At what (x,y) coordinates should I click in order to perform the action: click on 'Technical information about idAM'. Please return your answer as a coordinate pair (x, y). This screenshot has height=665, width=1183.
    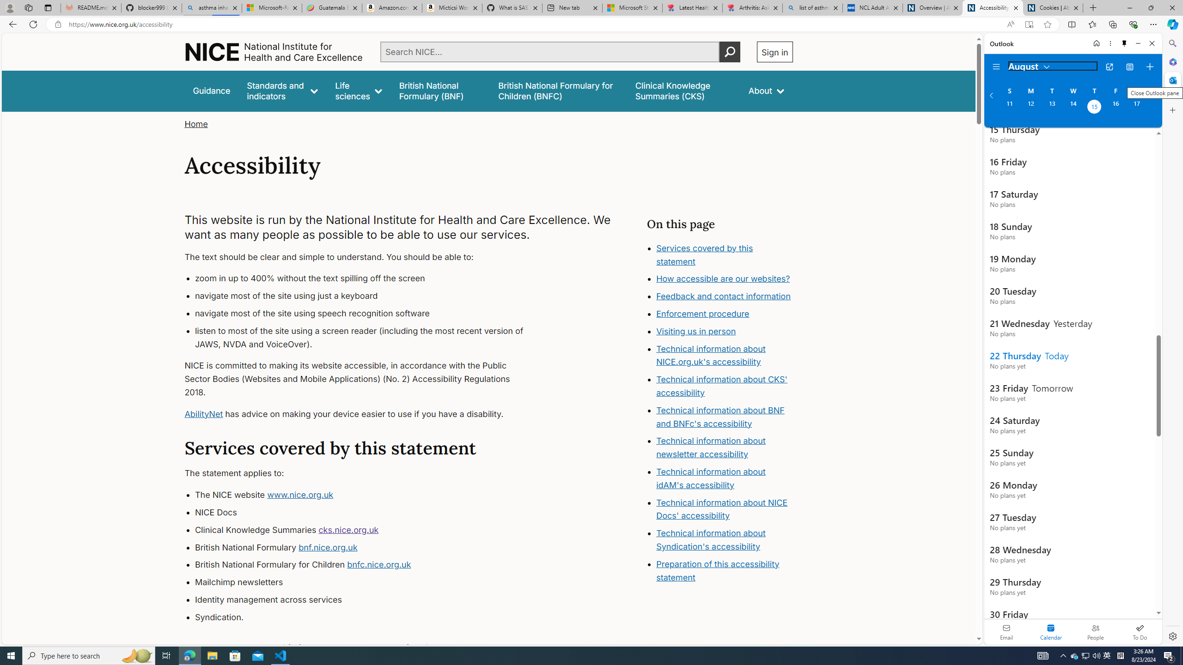
    Looking at the image, I should click on (710, 478).